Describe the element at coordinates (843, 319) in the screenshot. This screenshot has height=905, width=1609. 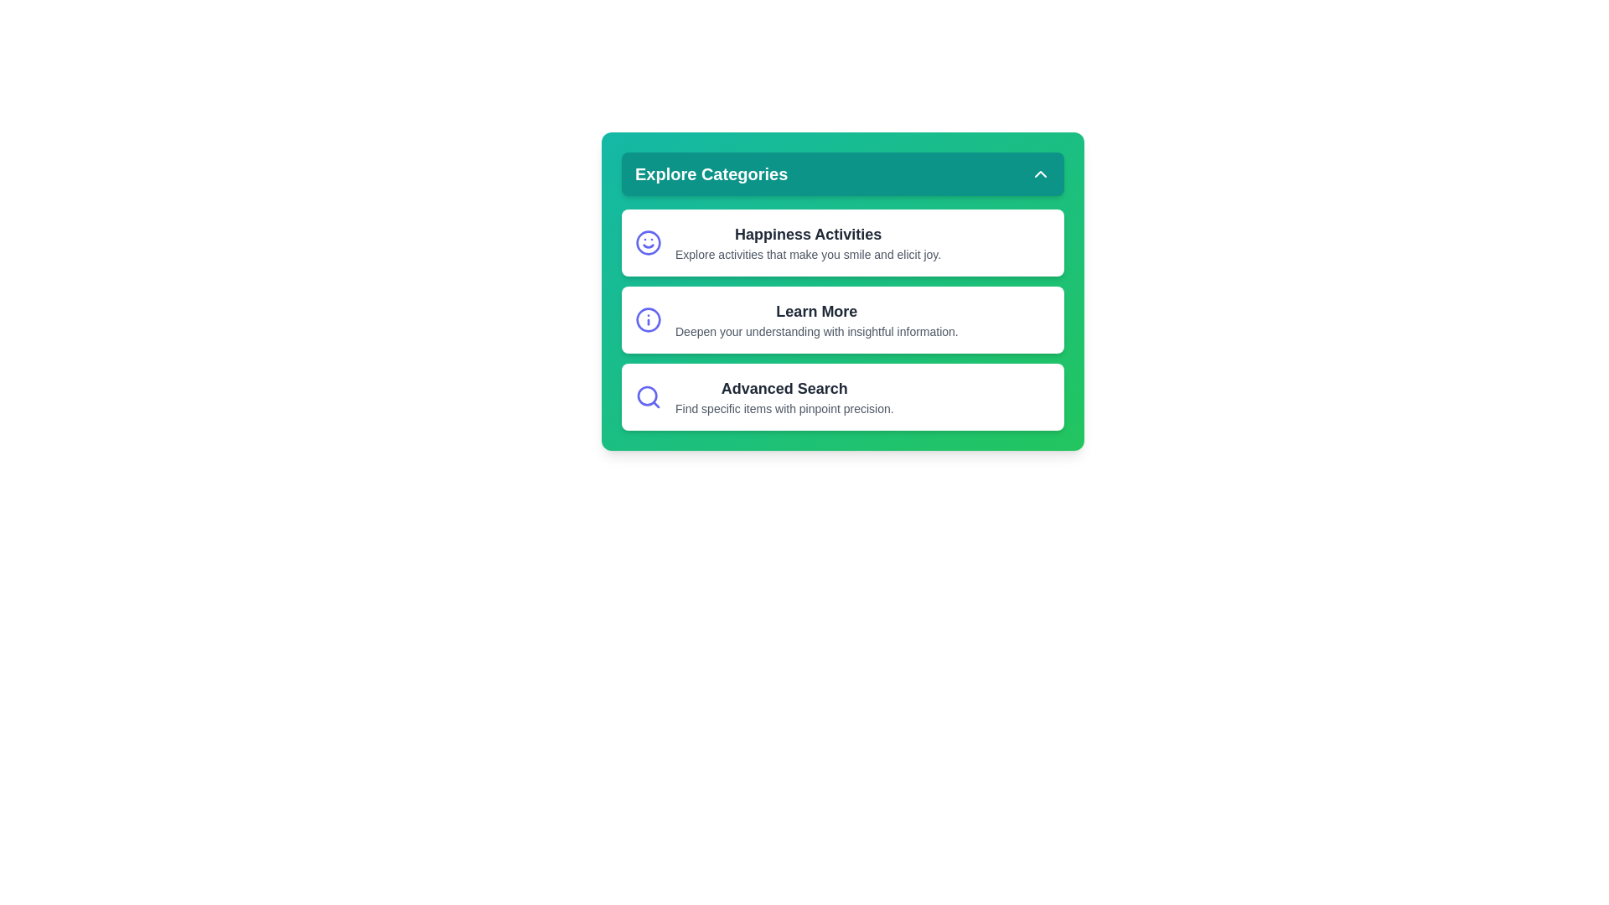
I see `the text of Learn More to analyze or copy it` at that location.